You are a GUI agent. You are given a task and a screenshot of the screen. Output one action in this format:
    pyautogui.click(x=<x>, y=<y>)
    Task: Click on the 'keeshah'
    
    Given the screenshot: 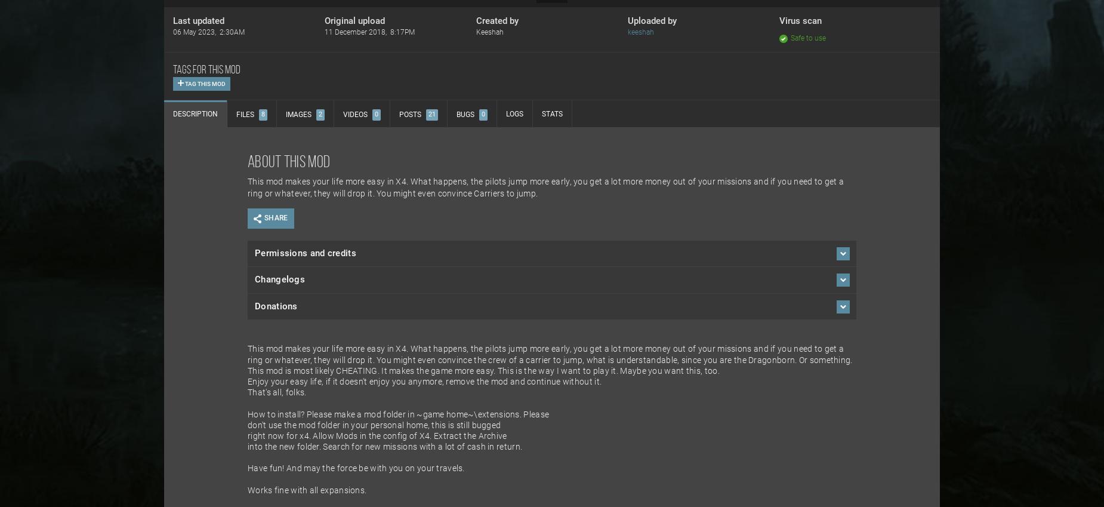 What is the action you would take?
    pyautogui.click(x=640, y=32)
    